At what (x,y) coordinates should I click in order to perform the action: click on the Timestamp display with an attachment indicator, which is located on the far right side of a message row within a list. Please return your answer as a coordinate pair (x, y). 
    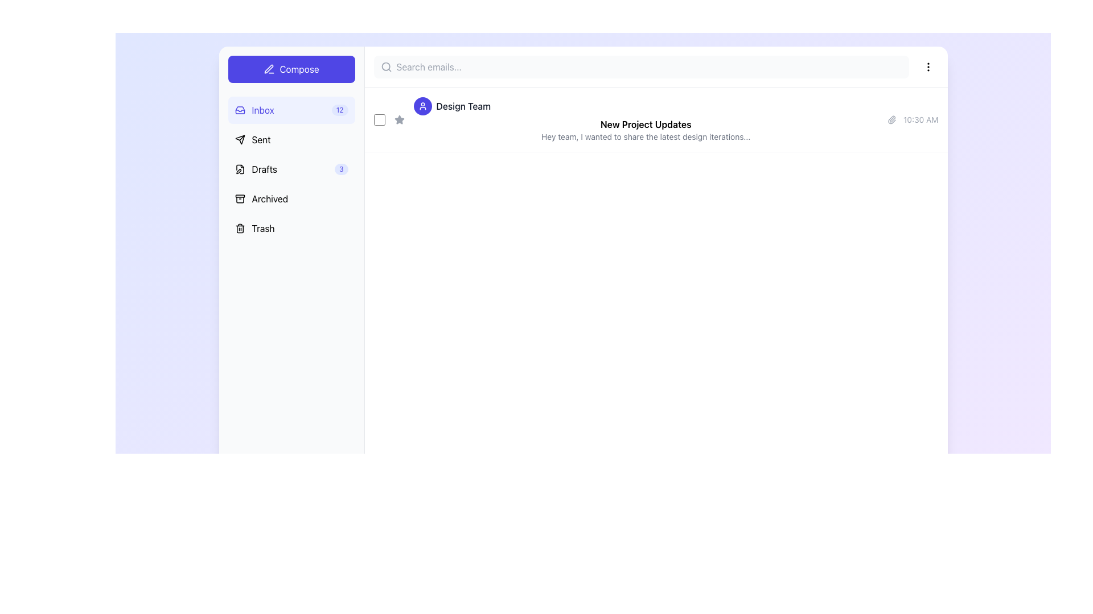
    Looking at the image, I should click on (913, 120).